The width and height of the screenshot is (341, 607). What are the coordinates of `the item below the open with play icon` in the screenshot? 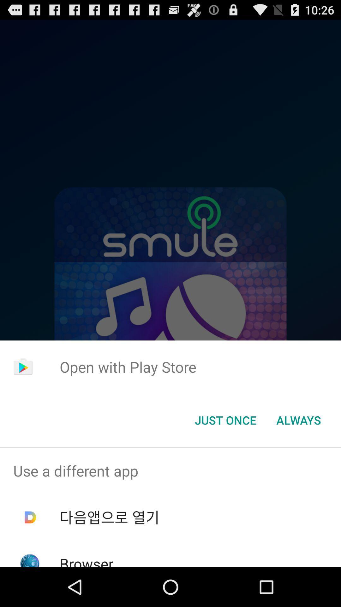 It's located at (298, 420).